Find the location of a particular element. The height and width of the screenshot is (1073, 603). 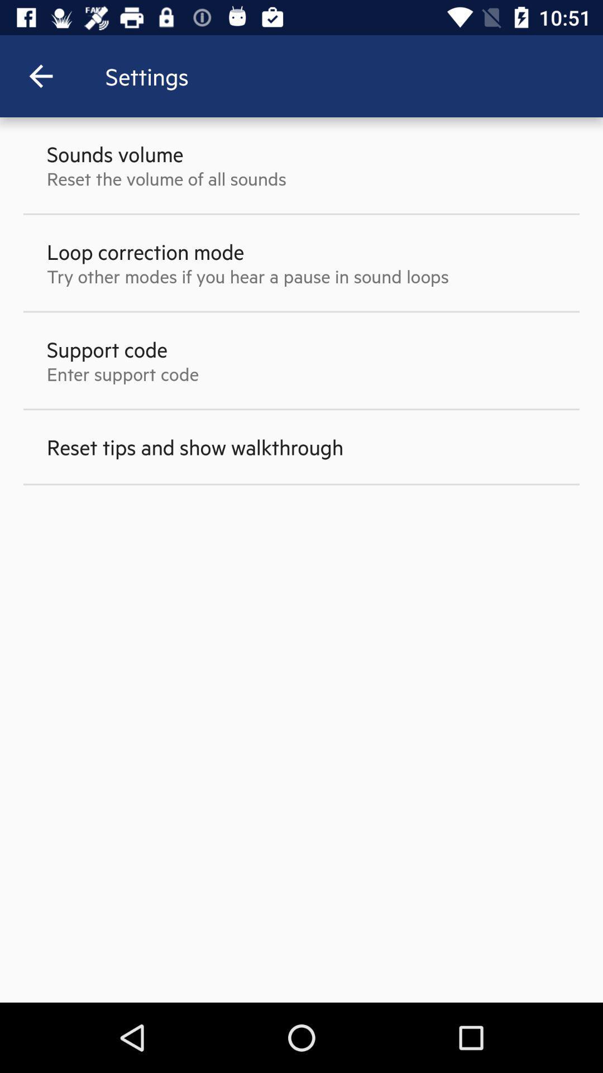

the item below reset the volume item is located at coordinates (145, 251).